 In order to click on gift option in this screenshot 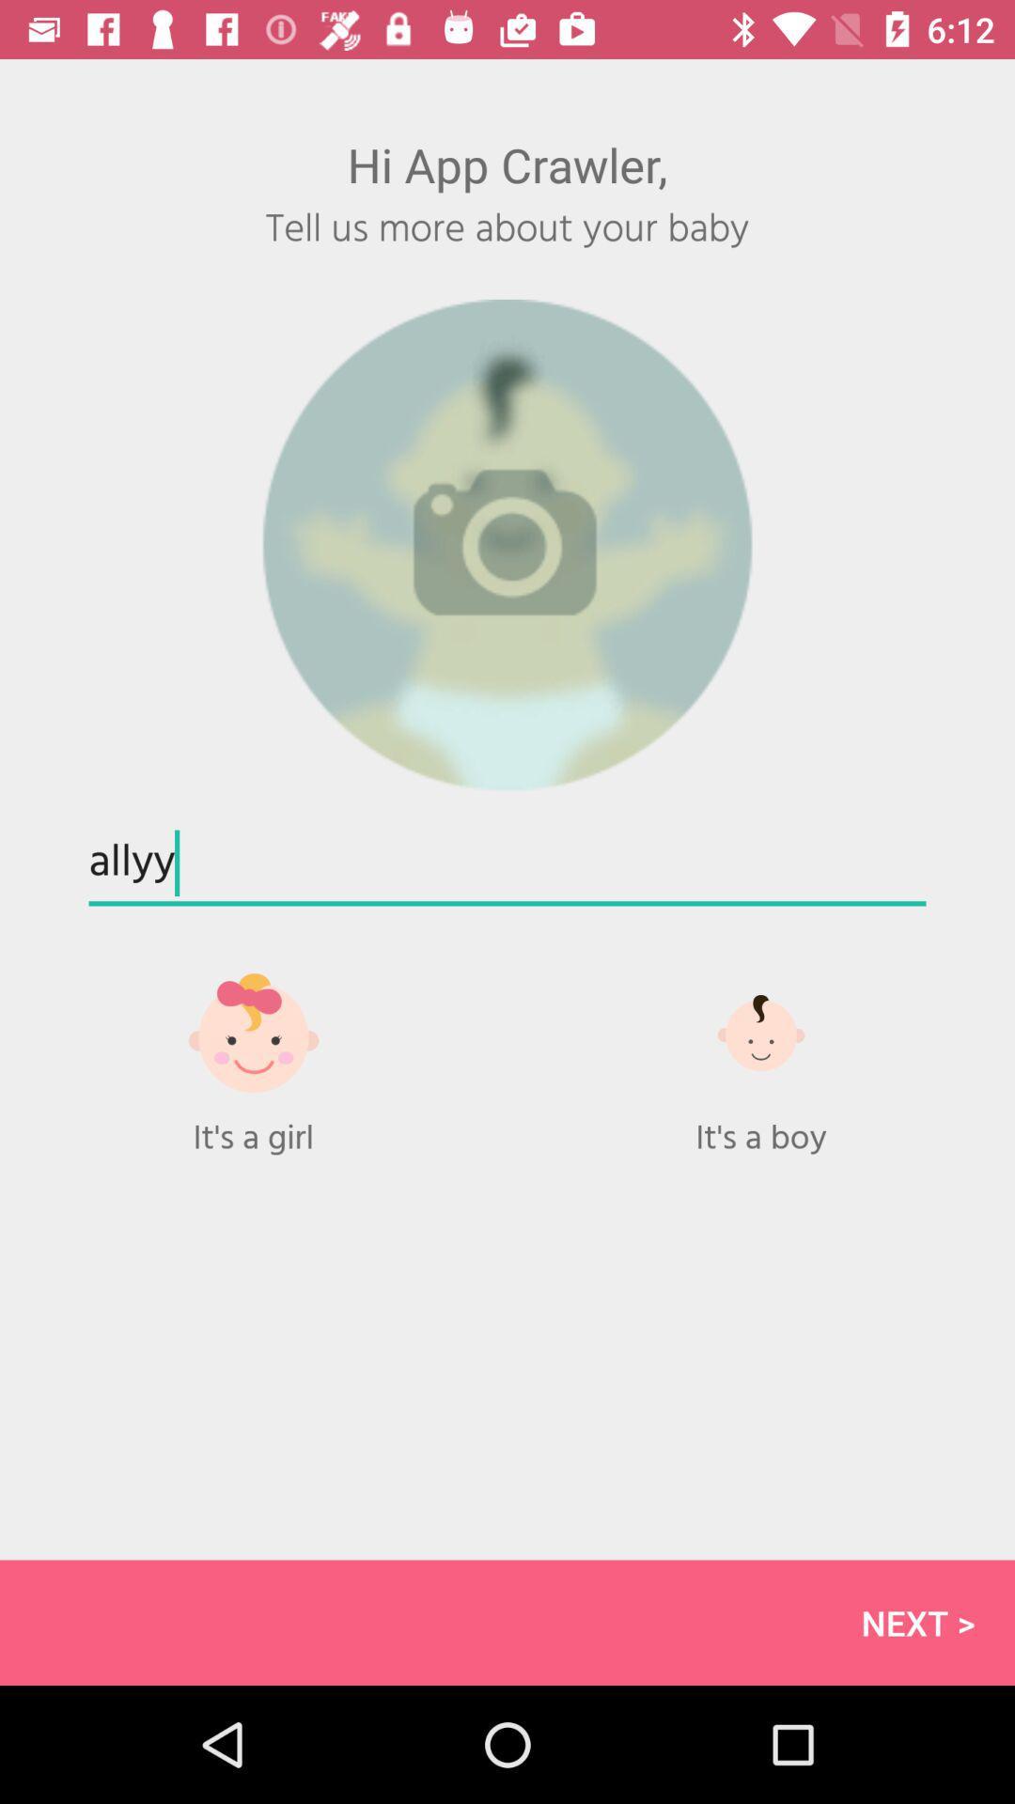, I will do `click(254, 1052)`.